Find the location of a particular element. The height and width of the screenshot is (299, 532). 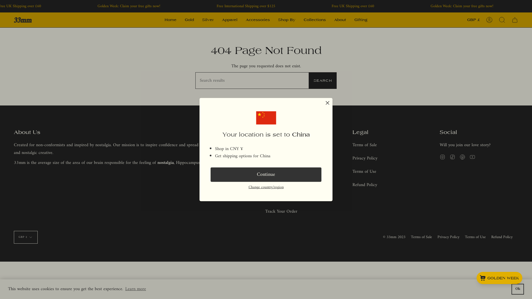

'SEARCH' is located at coordinates (323, 80).